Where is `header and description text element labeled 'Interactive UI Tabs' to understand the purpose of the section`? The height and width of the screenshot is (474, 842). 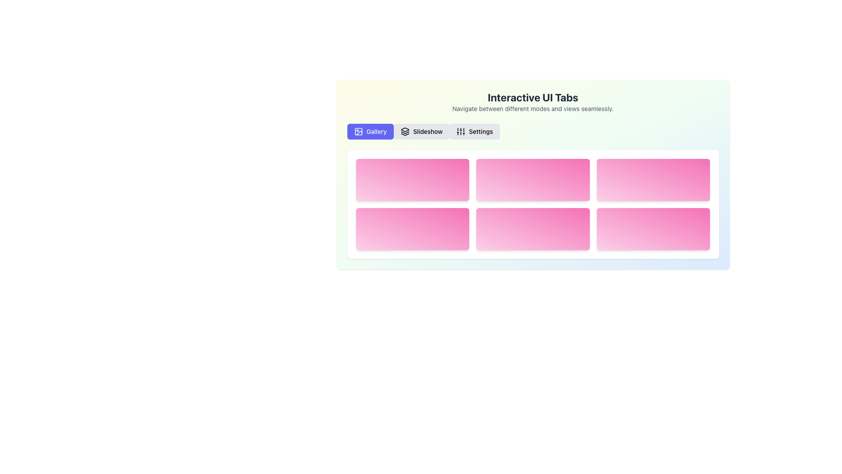
header and description text element labeled 'Interactive UI Tabs' to understand the purpose of the section is located at coordinates (532, 101).